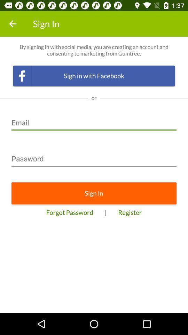 This screenshot has width=188, height=335. I want to click on icon below sign in icon, so click(130, 212).